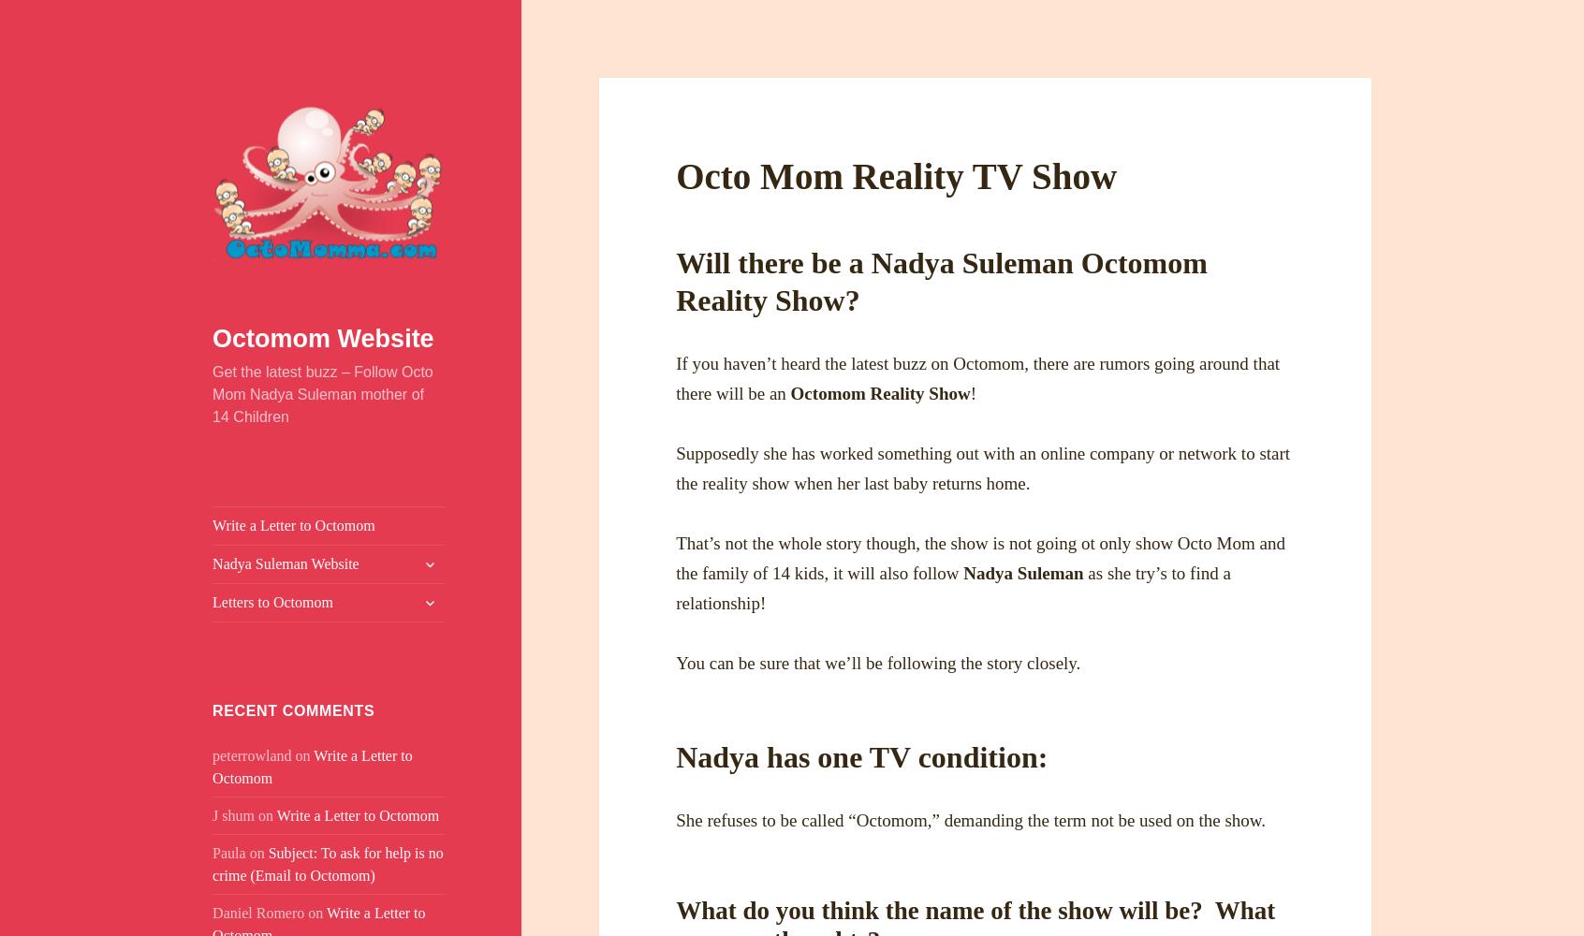 The image size is (1584, 936). What do you see at coordinates (674, 176) in the screenshot?
I see `'Octo Mom Reality TV Show'` at bounding box center [674, 176].